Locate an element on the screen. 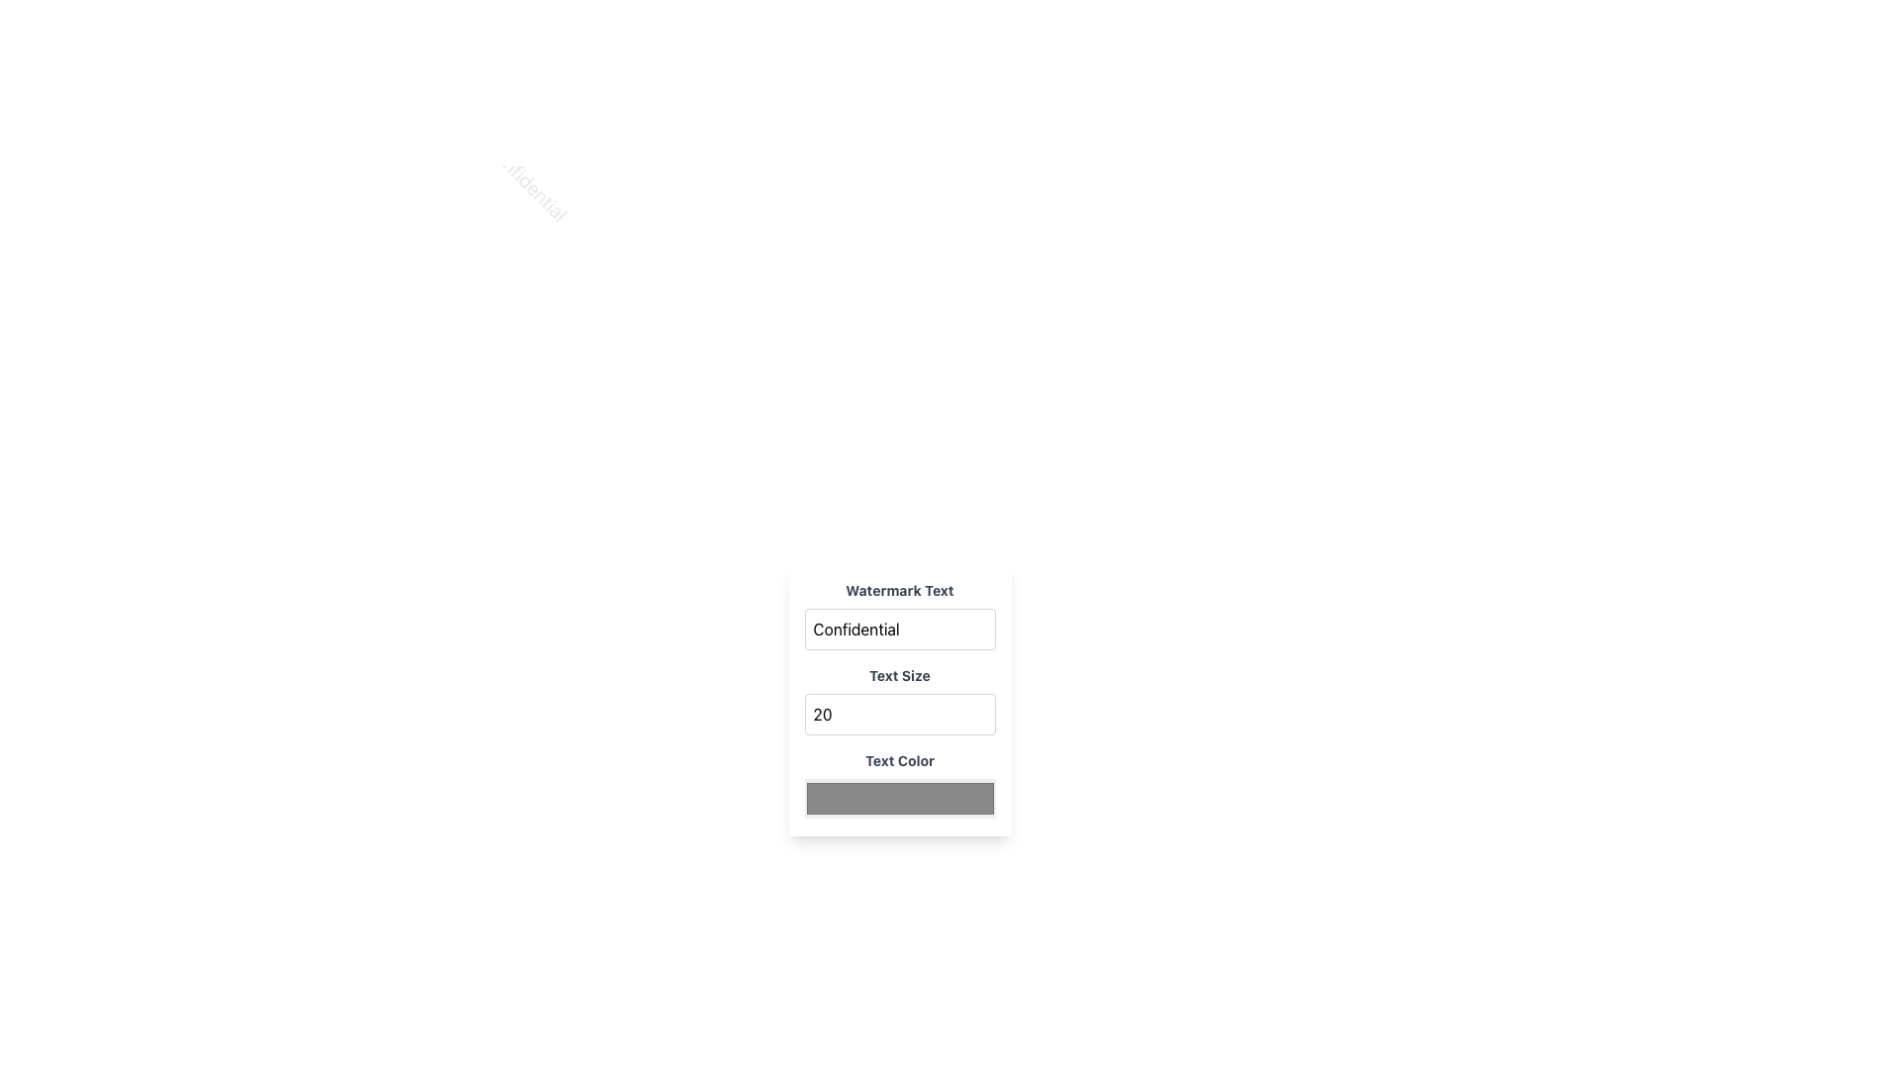 Image resolution: width=1901 pixels, height=1069 pixels. the color picker input located in the third group from the top, below 'Text Size' is located at coordinates (898, 785).